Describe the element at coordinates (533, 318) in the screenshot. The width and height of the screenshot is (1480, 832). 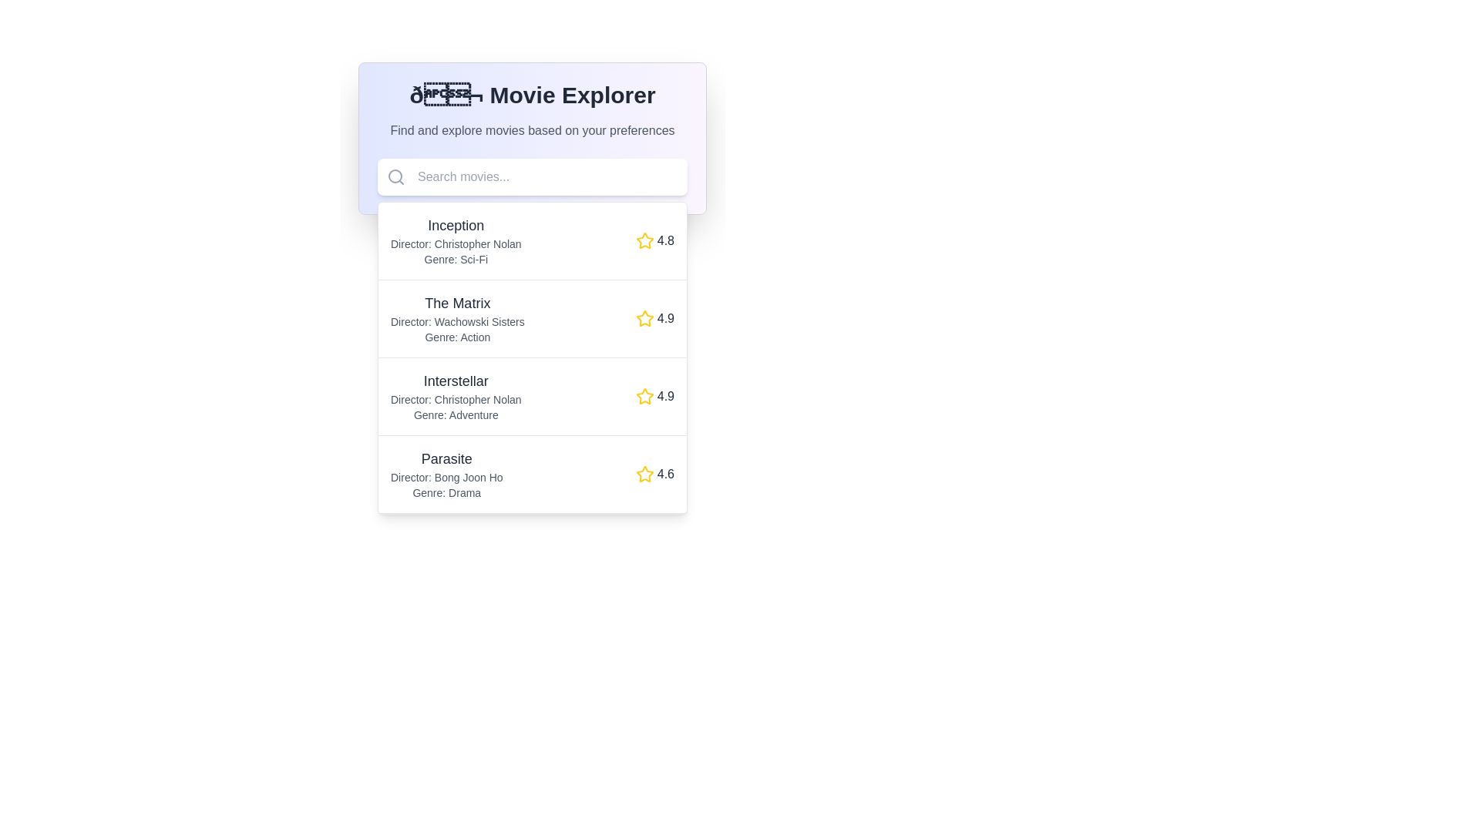
I see `the list item containing the title 'The Matrix', which includes metadata such as the director and genre, located in the dropdown panel` at that location.